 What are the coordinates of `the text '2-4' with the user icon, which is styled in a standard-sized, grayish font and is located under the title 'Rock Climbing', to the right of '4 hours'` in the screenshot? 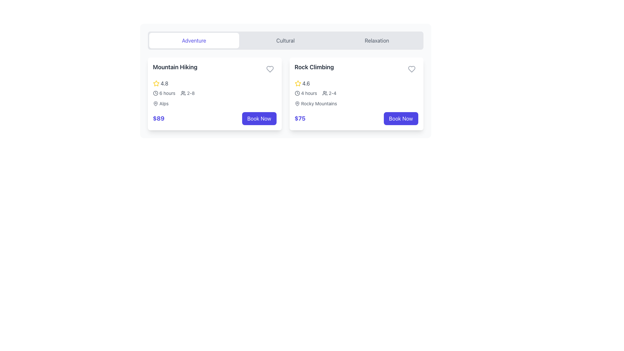 It's located at (329, 93).